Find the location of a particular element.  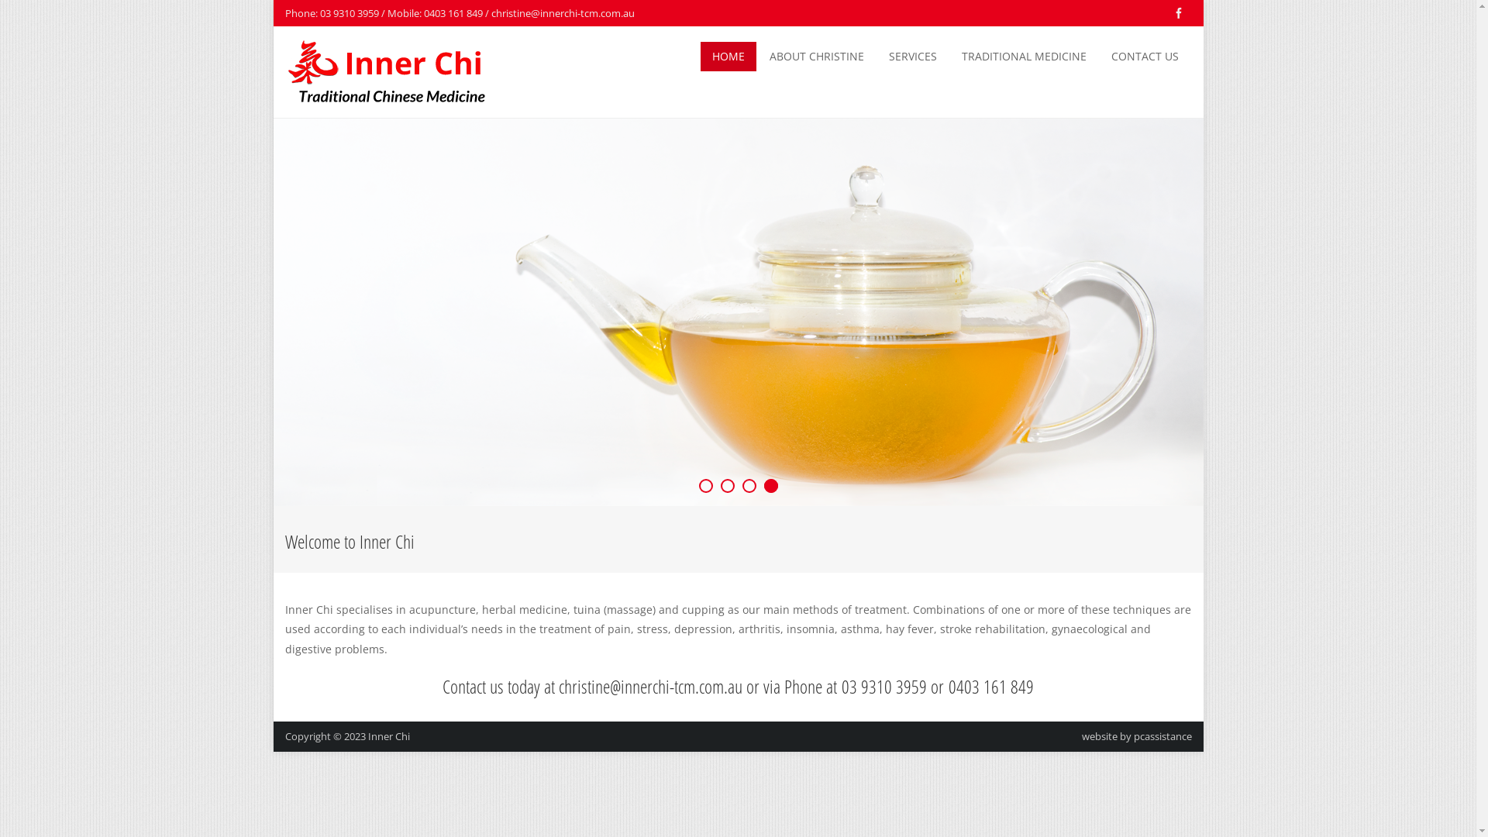

'TRADITIONAL MEDICINE' is located at coordinates (1024, 56).